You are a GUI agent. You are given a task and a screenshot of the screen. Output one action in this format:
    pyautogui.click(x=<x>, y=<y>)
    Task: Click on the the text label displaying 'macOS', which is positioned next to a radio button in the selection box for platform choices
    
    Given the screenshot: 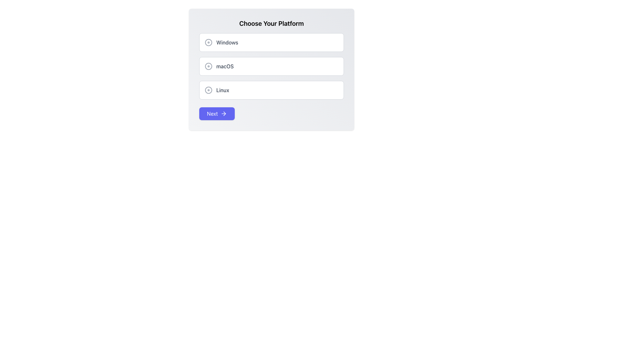 What is the action you would take?
    pyautogui.click(x=225, y=66)
    